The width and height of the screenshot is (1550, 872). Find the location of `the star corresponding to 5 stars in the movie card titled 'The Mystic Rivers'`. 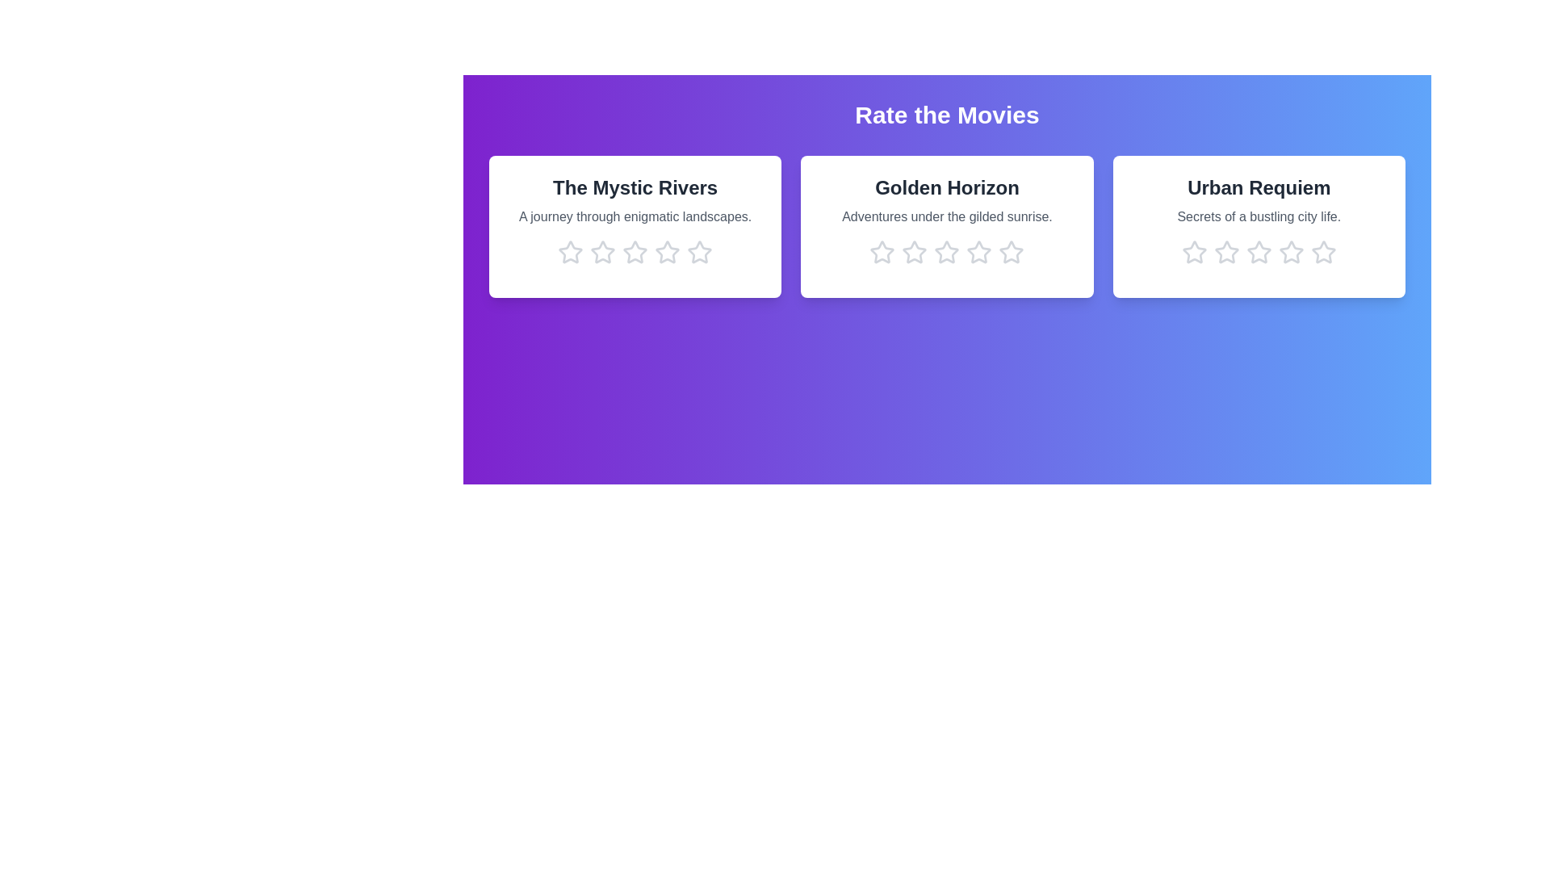

the star corresponding to 5 stars in the movie card titled 'The Mystic Rivers' is located at coordinates (700, 252).